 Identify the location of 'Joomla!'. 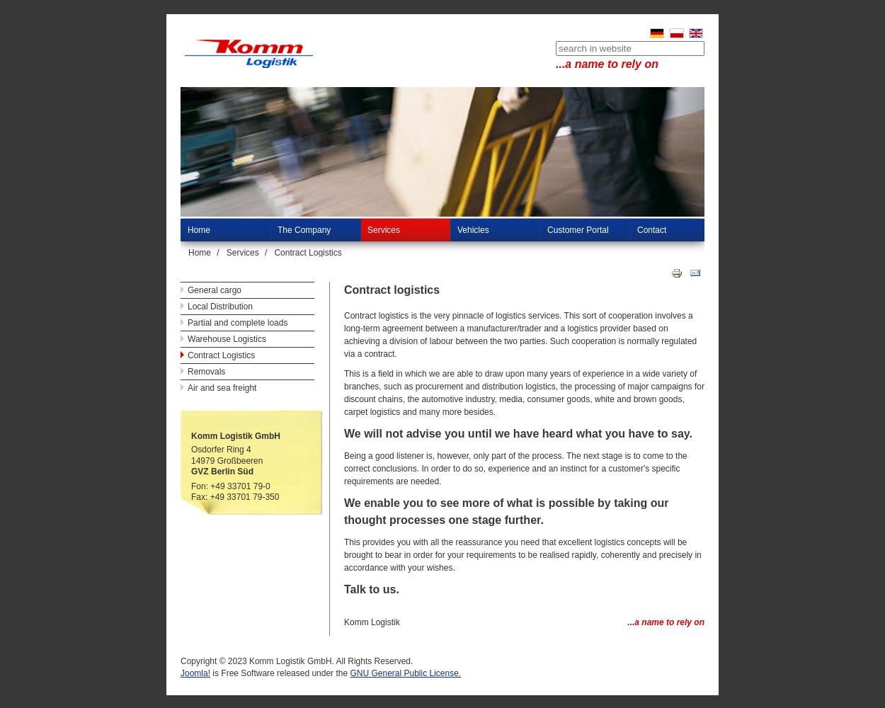
(195, 673).